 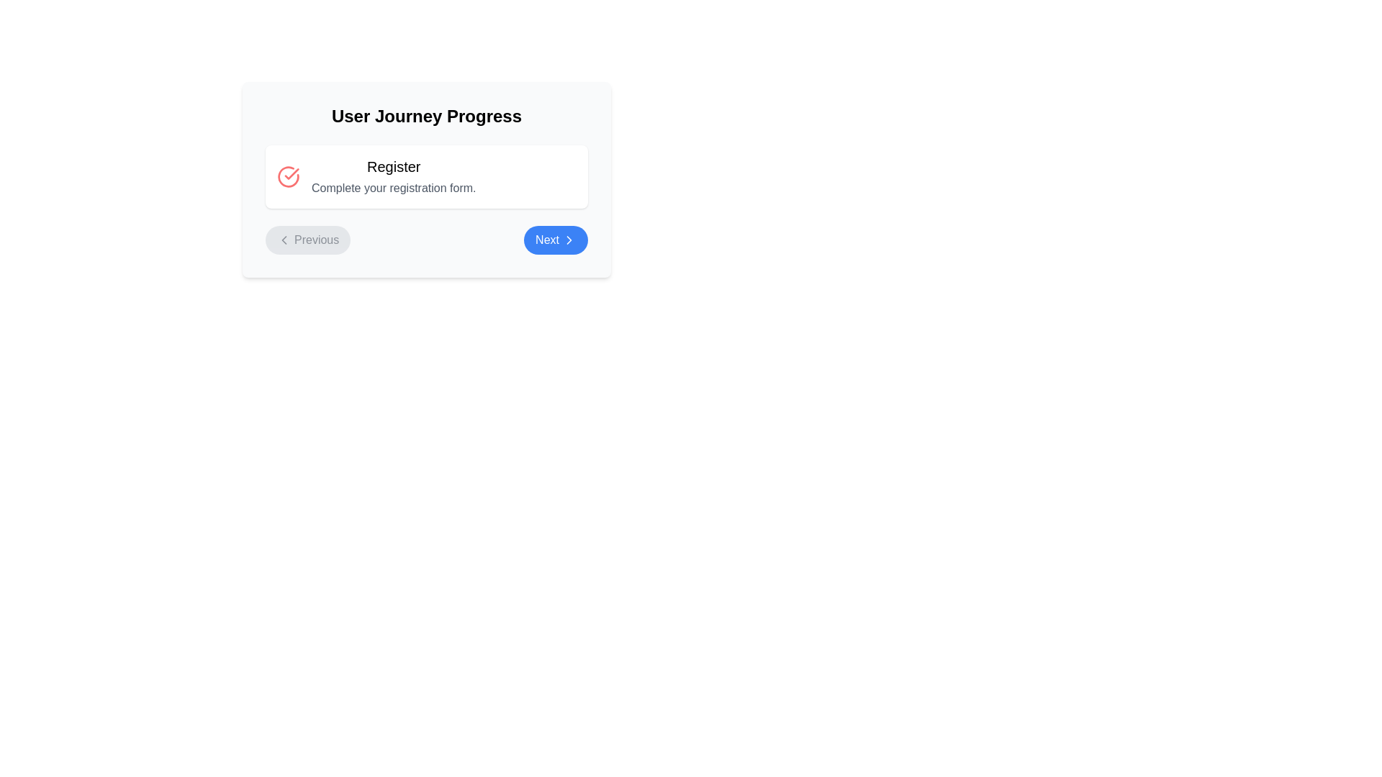 What do you see at coordinates (284, 240) in the screenshot?
I see `the left-facing arrow icon within the 'Previous' button as an indicator` at bounding box center [284, 240].